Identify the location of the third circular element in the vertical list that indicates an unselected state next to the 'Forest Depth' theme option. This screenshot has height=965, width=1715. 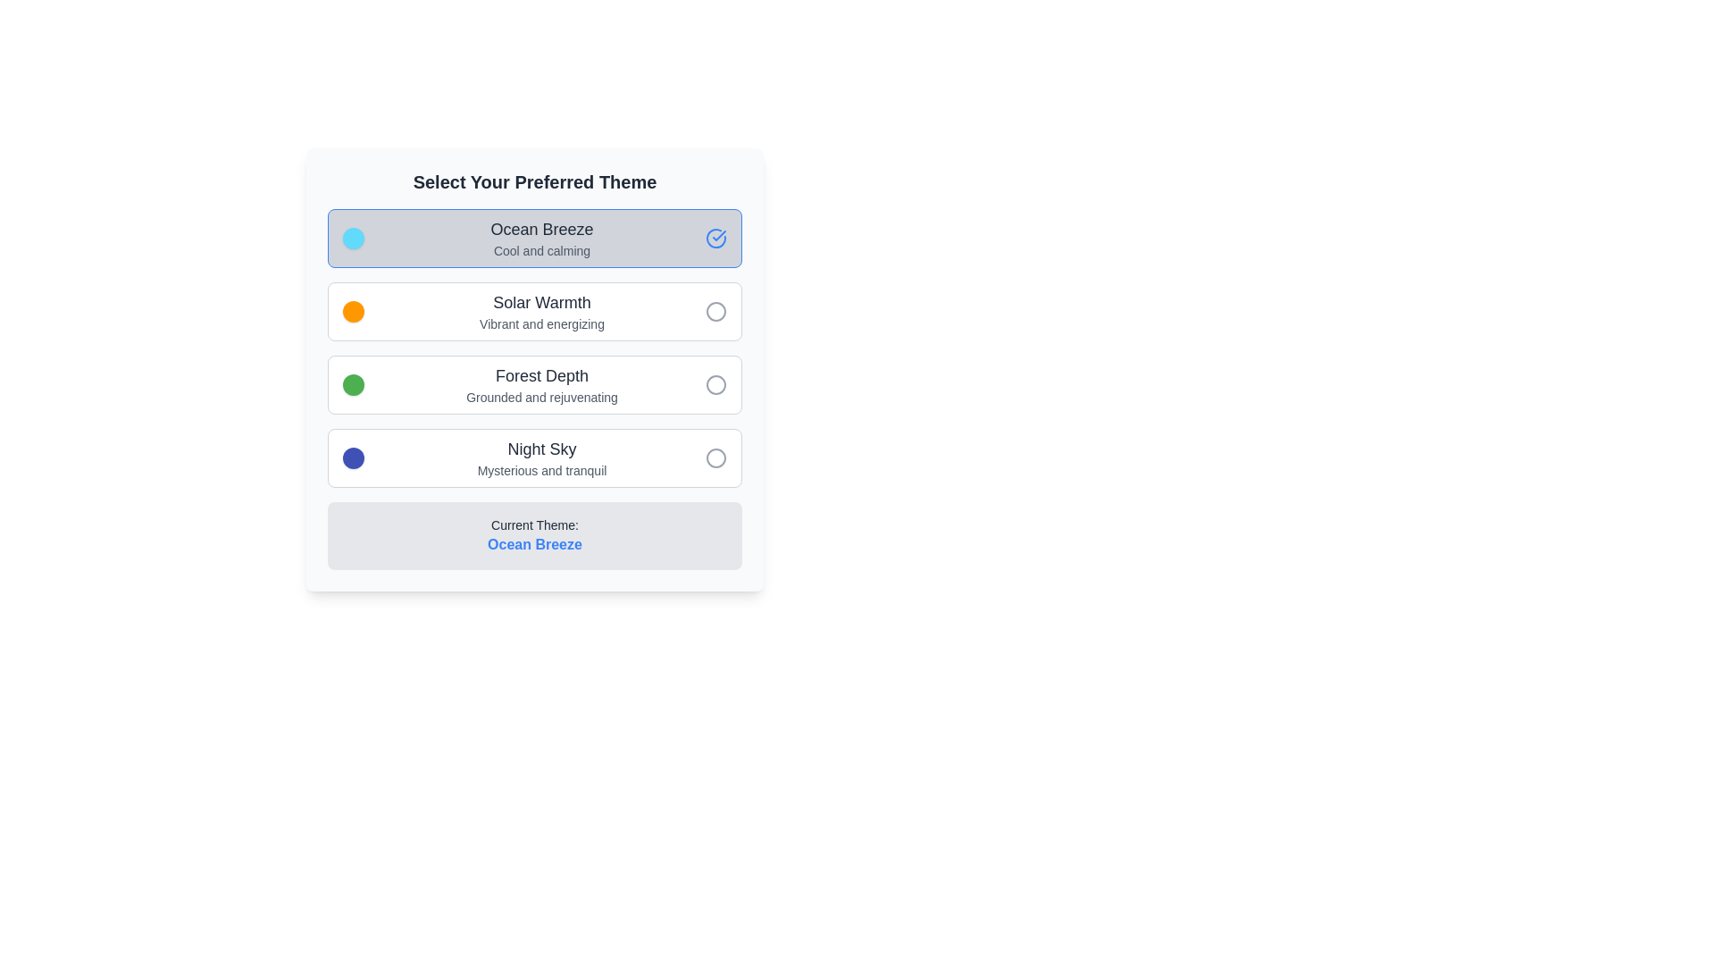
(715, 384).